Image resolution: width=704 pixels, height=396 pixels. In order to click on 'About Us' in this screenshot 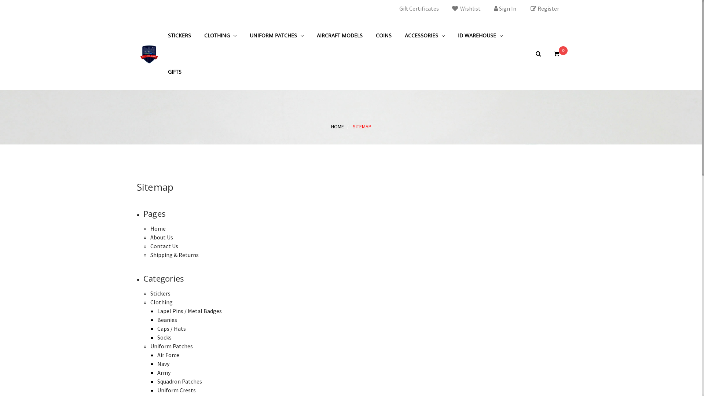, I will do `click(161, 237)`.